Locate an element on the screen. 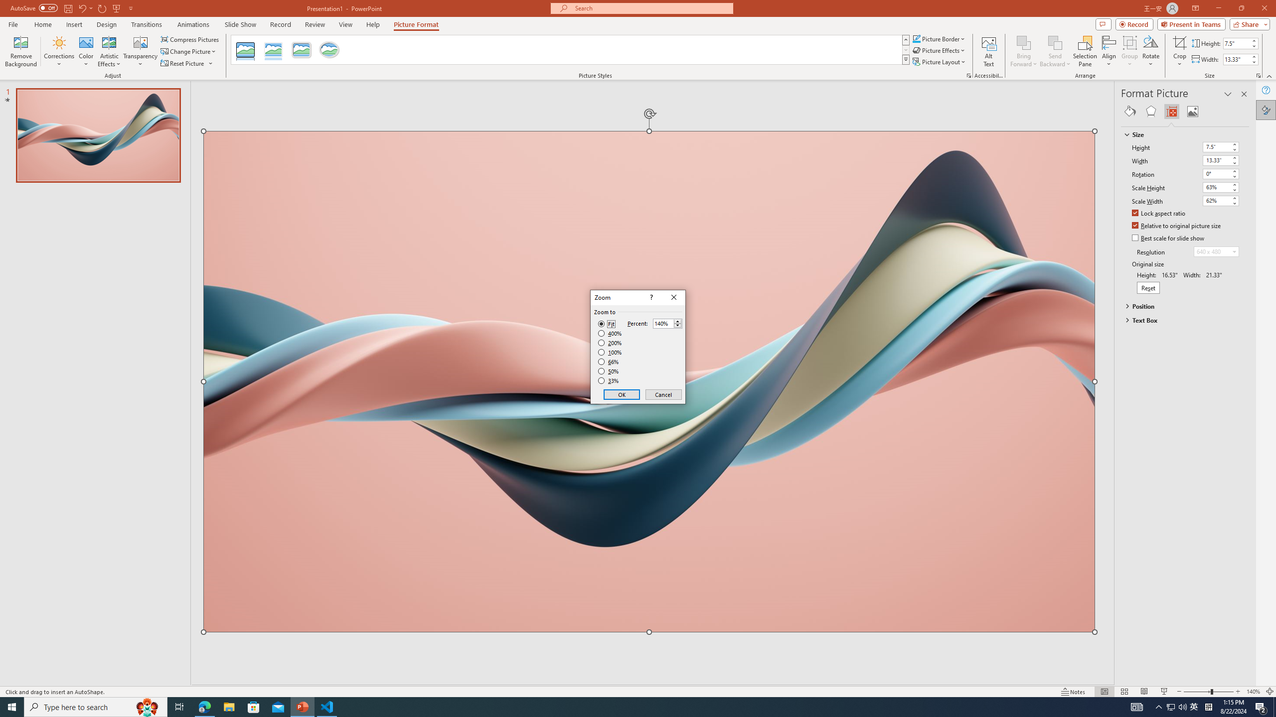  'Send Backward' is located at coordinates (1055, 51).